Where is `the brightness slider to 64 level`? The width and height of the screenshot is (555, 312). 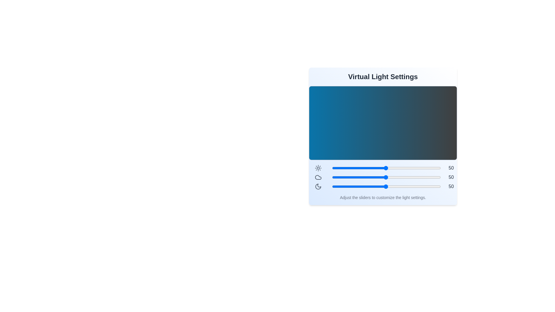
the brightness slider to 64 level is located at coordinates (401, 168).